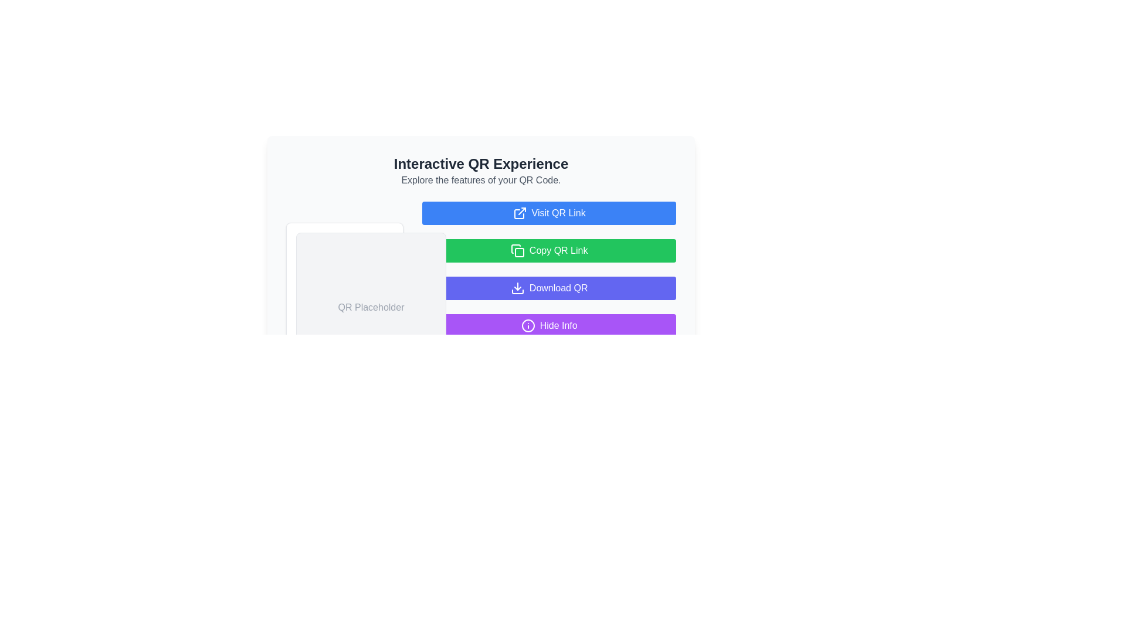  Describe the element at coordinates (481, 228) in the screenshot. I see `headings and descriptions within the interactive panel titled 'Interactive QR Experience', which contains grouped action buttons and informational text related to QR code options` at that location.